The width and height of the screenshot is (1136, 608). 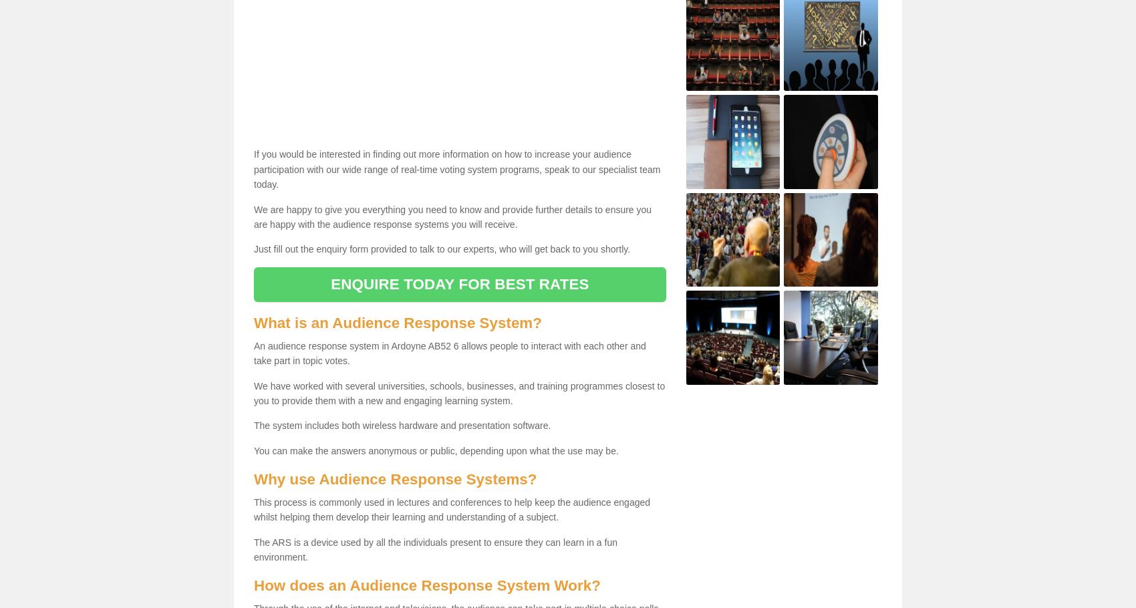 What do you see at coordinates (401, 426) in the screenshot?
I see `'The system includes both wireless hardware and presentation software.'` at bounding box center [401, 426].